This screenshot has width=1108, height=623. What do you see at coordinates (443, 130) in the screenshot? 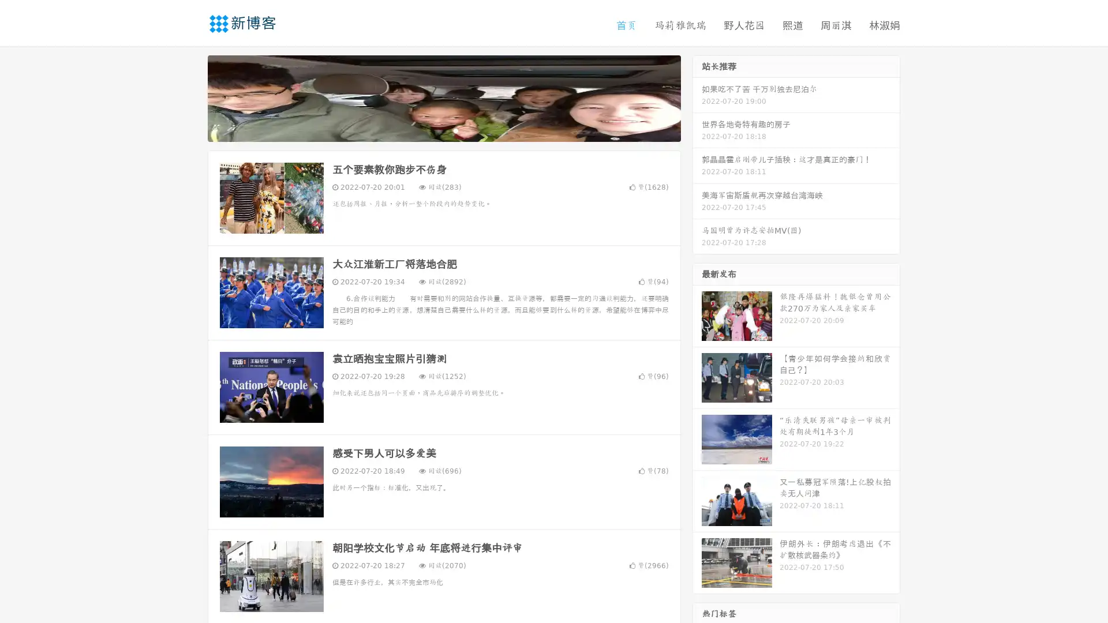
I see `Go to slide 2` at bounding box center [443, 130].